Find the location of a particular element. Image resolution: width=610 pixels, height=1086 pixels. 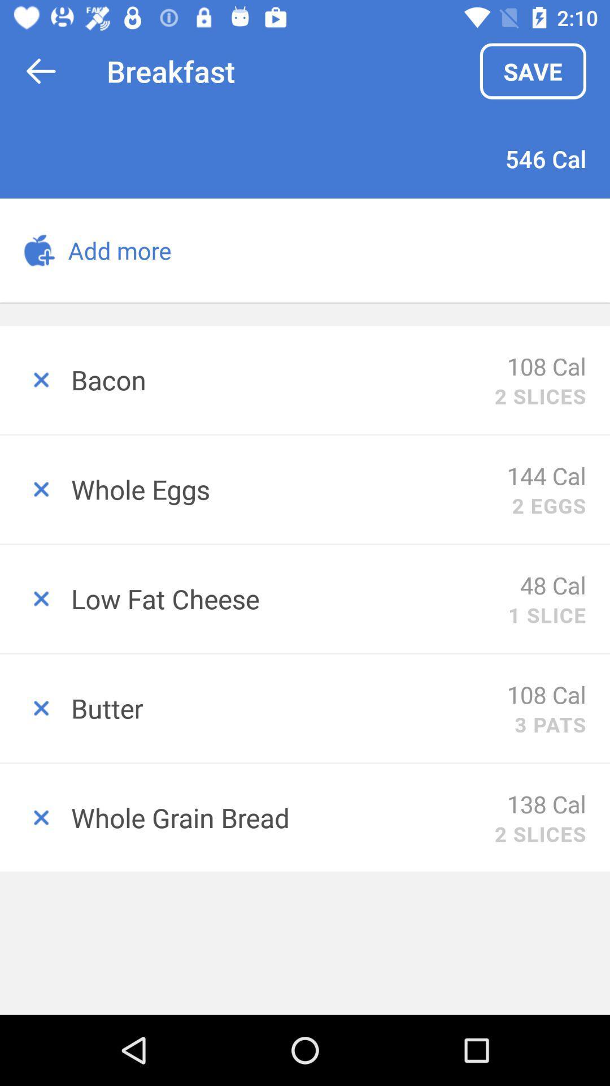

delete low fat cheese off custom plan is located at coordinates (34, 598).